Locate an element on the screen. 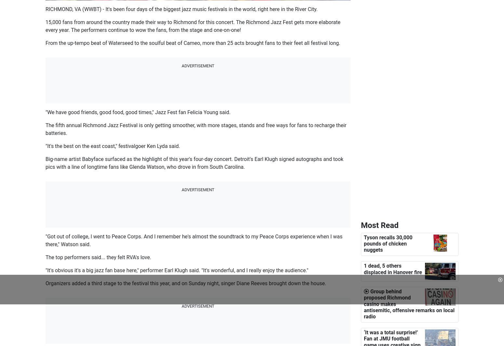 This screenshot has height=346, width=504. '"It's obvious it's a big jazz fan base here," performer Earl Klugh said. "It's wonderful, and I really enjoy the audience."' is located at coordinates (45, 270).